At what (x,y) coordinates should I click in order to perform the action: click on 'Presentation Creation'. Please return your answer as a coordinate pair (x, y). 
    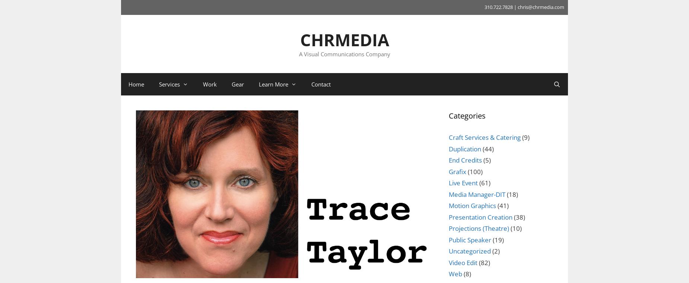
    Looking at the image, I should click on (480, 216).